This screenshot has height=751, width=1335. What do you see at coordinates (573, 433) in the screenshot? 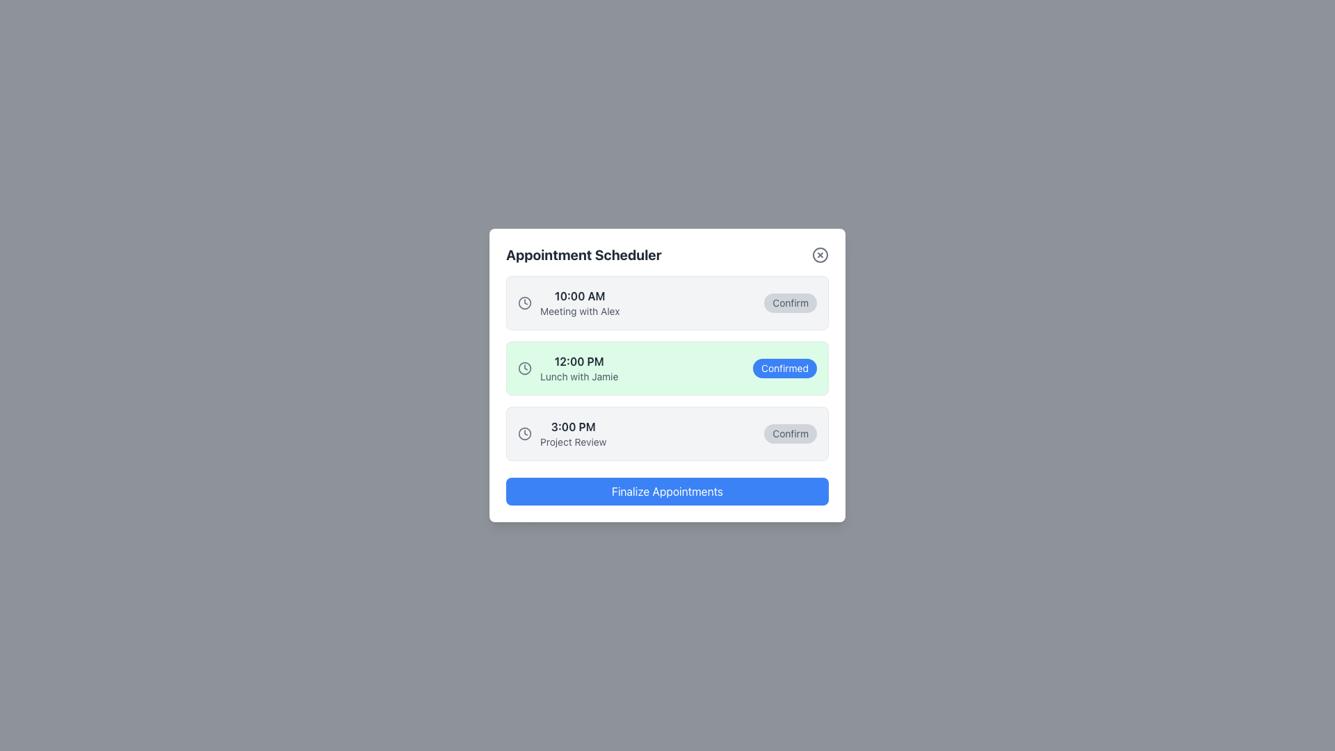
I see `event information displayed in the Text Display that shows '3:00 PM' and 'Project Review', located in the scheduler interface between '12:00 PM Lunch with Jamie' and 'Finalize Appointments'` at bounding box center [573, 433].